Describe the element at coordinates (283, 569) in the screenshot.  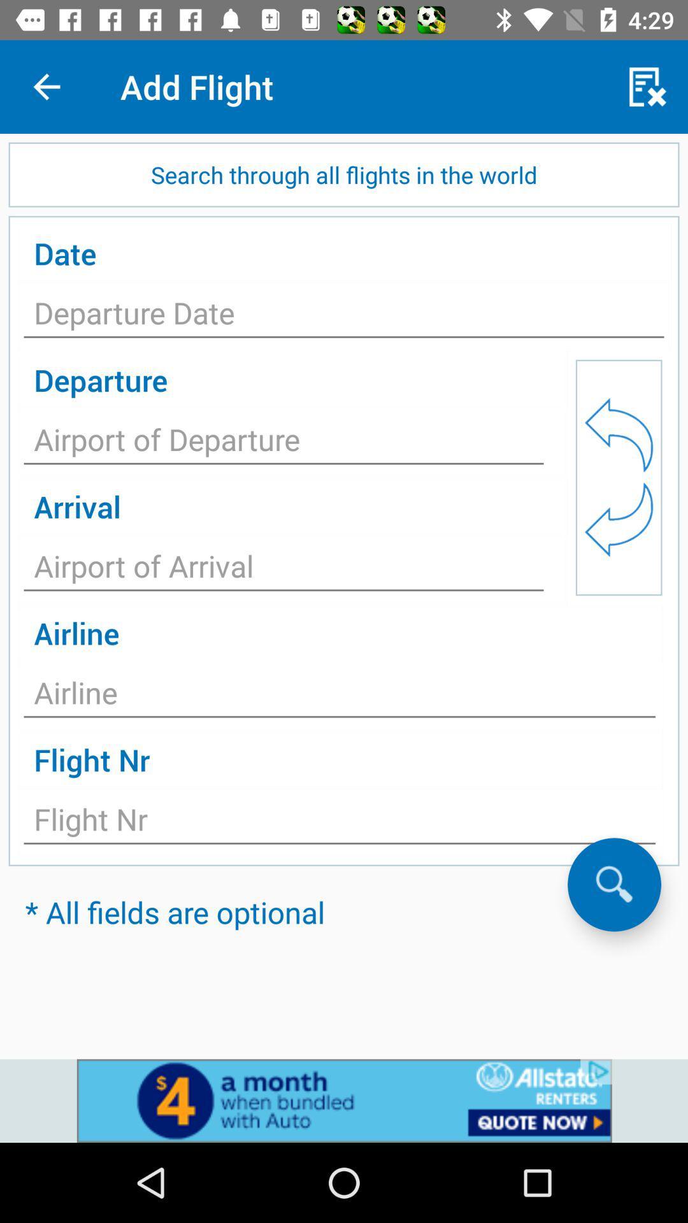
I see `insert airport of arrival` at that location.